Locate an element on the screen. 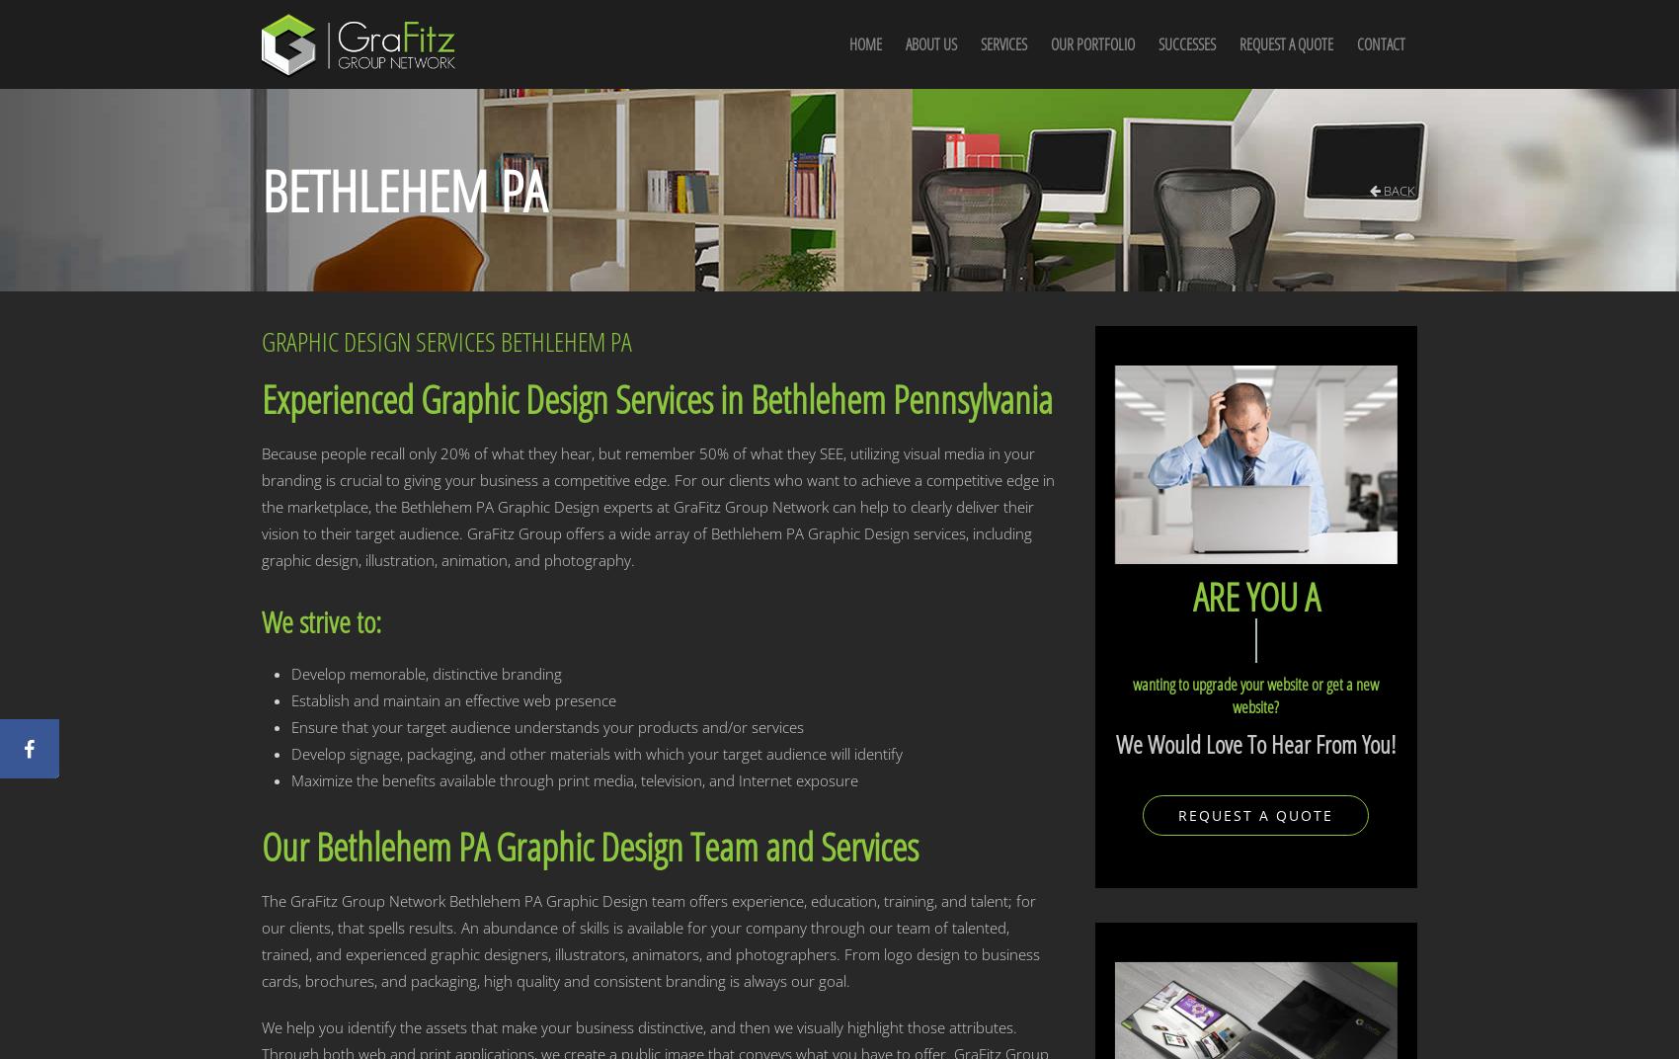  'ARE YOU A' is located at coordinates (1253, 594).